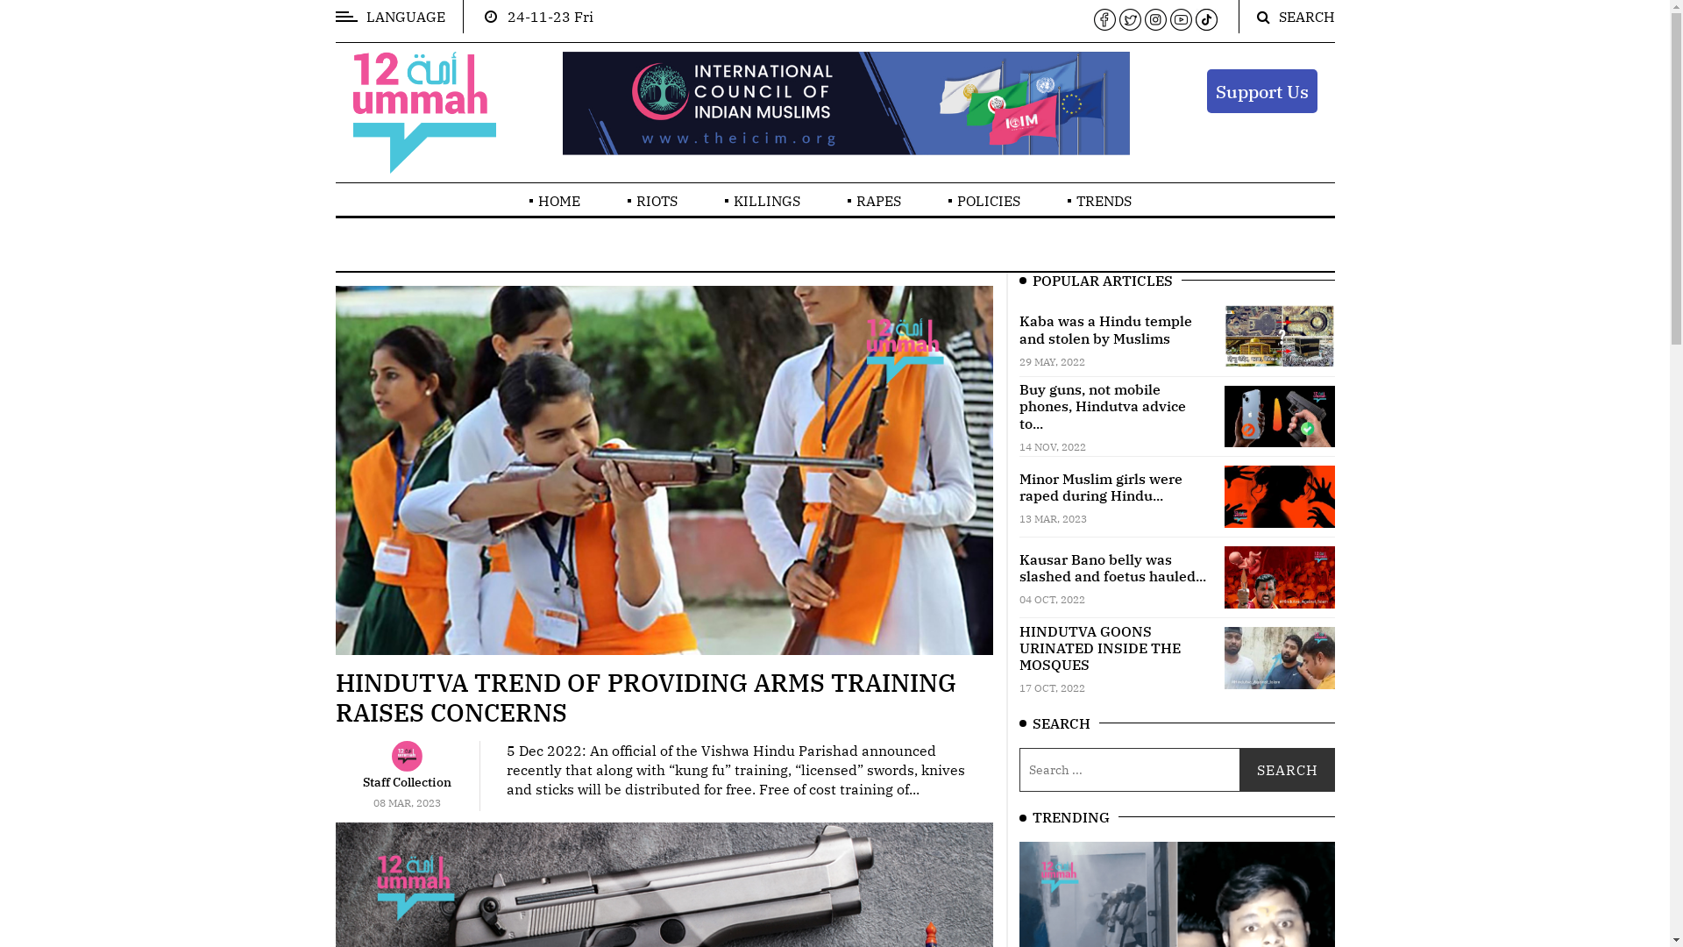 The height and width of the screenshot is (947, 1683). Describe the element at coordinates (1103, 199) in the screenshot. I see `'TRENDS'` at that location.